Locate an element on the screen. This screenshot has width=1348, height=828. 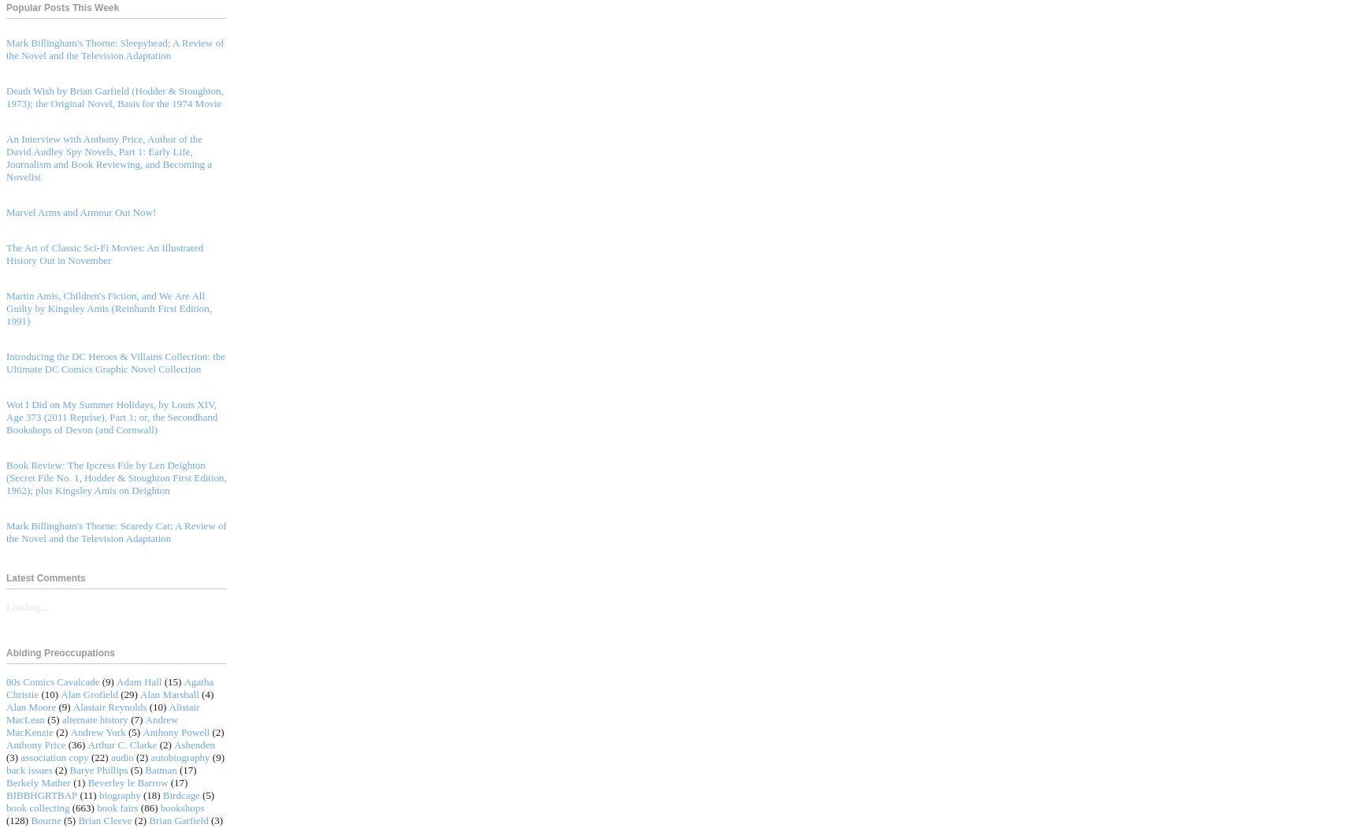
'(1)' is located at coordinates (78, 782).